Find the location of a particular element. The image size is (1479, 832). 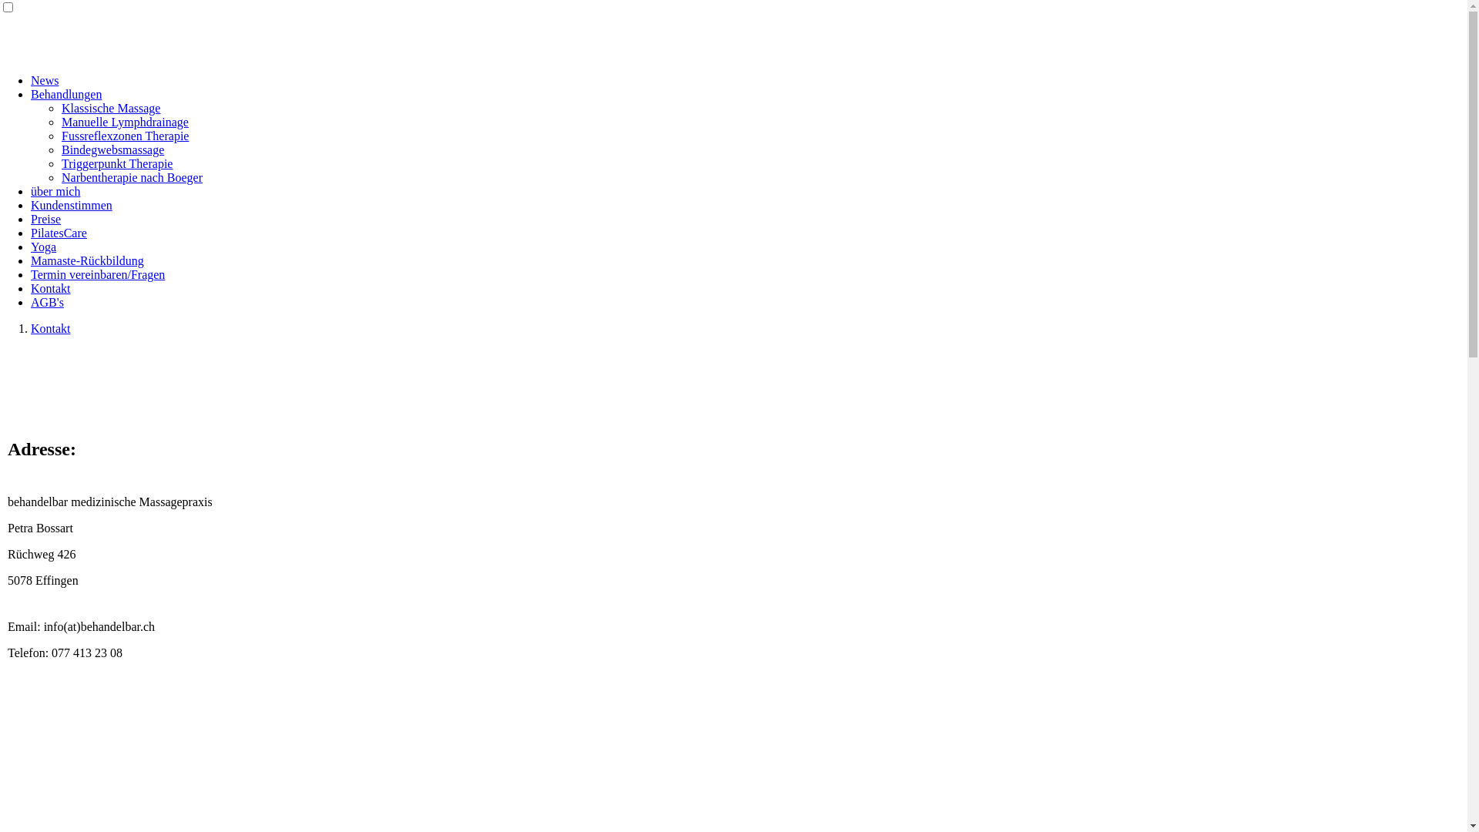

'Preise' is located at coordinates (45, 219).